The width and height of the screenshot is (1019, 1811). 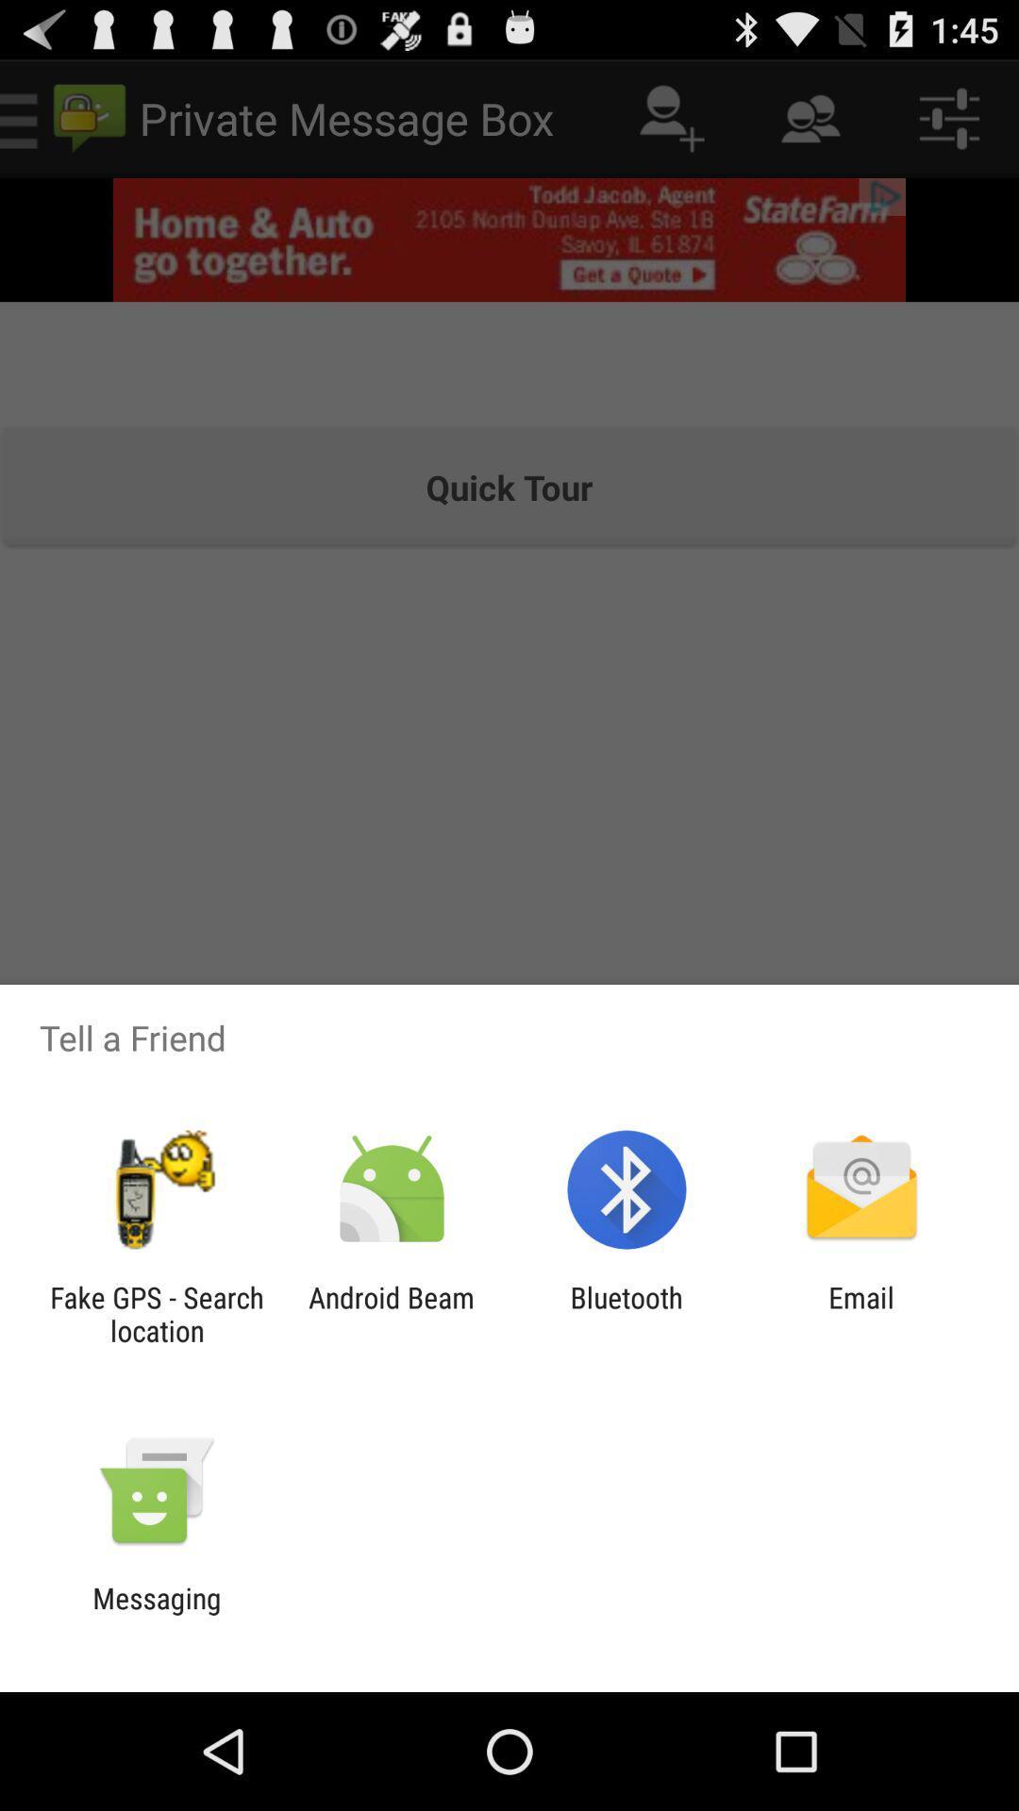 I want to click on the icon to the left of the android beam icon, so click(x=156, y=1313).